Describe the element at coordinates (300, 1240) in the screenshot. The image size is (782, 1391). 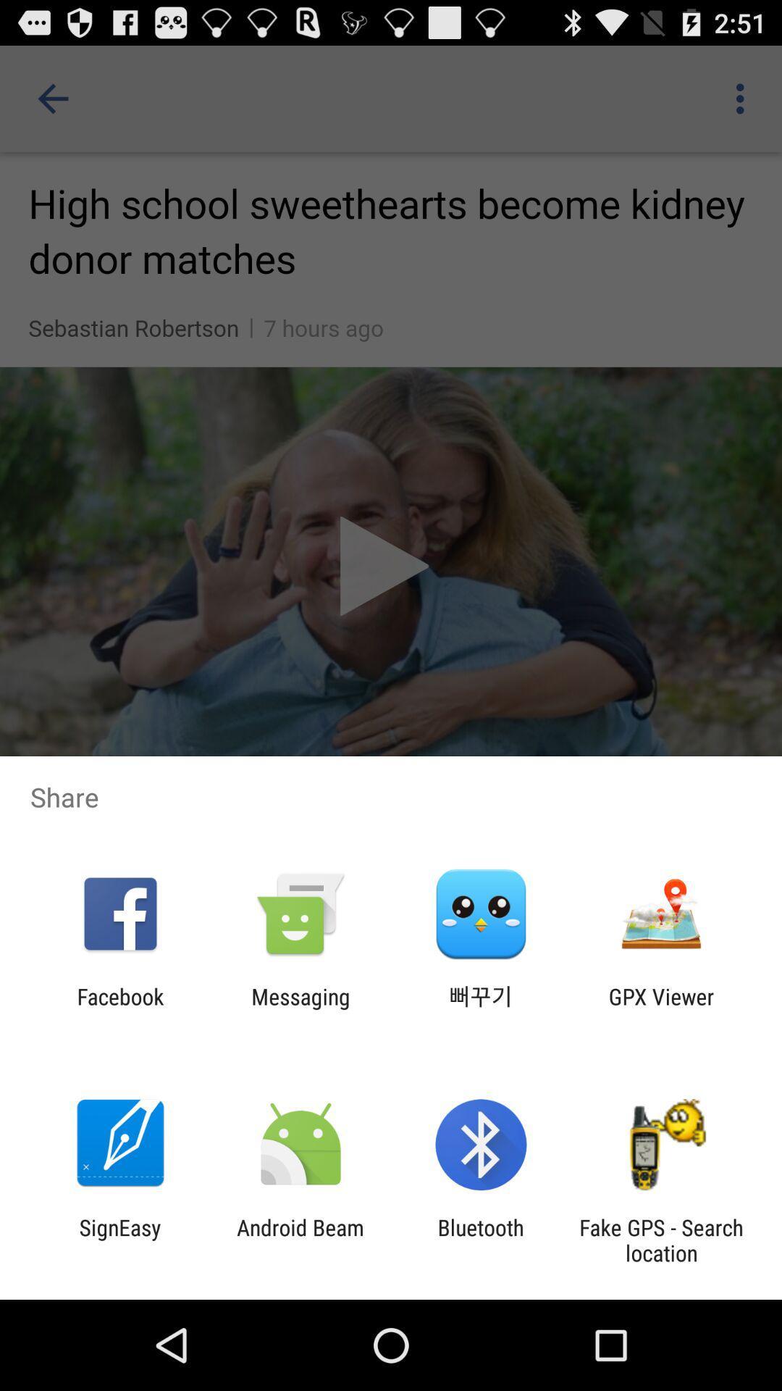
I see `item to the left of the bluetooth icon` at that location.